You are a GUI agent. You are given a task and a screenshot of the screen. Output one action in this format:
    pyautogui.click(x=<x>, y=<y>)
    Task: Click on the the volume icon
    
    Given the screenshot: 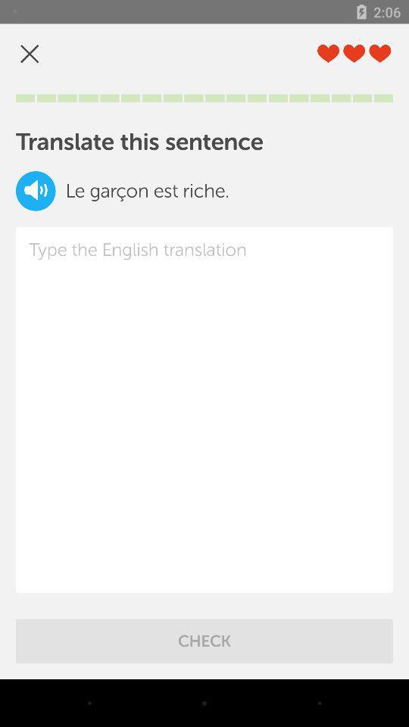 What is the action you would take?
    pyautogui.click(x=36, y=190)
    